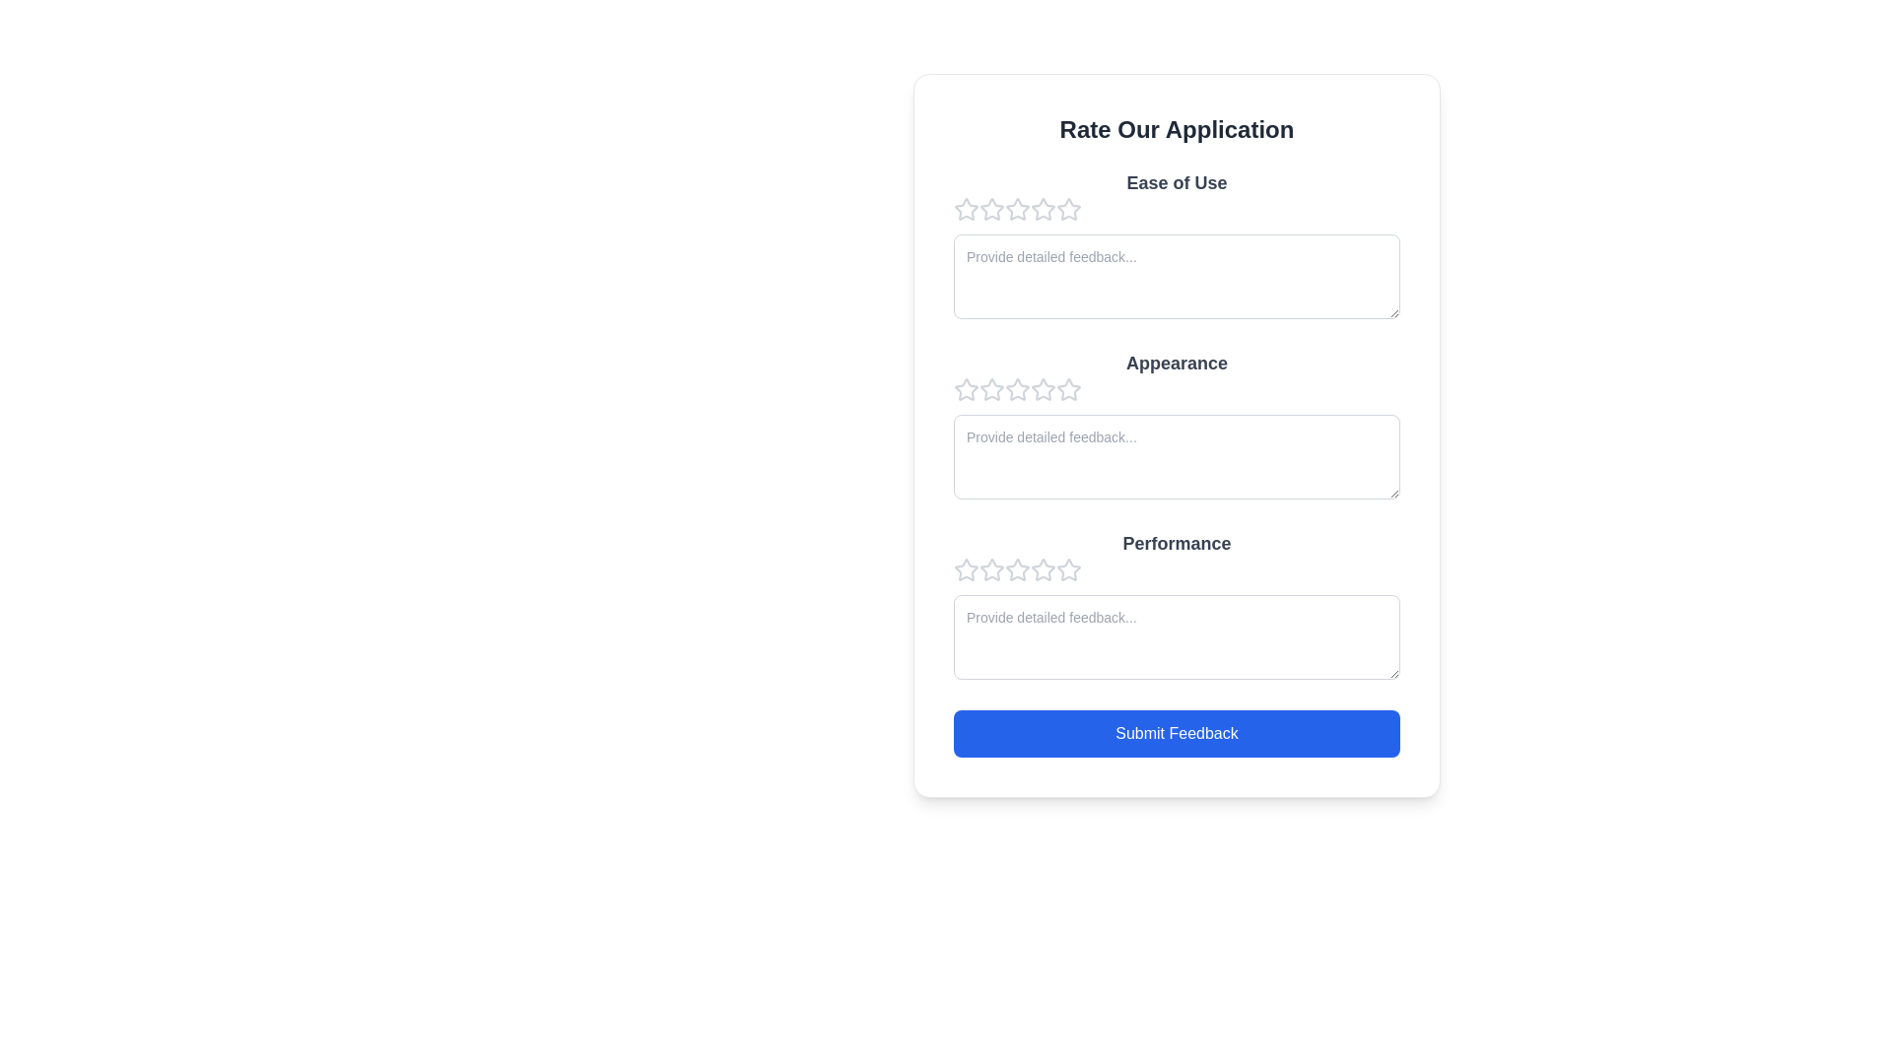 This screenshot has width=1892, height=1064. I want to click on the Star rating component located under the 'Appearance' heading, which is the second rating section in the form, so click(1177, 390).